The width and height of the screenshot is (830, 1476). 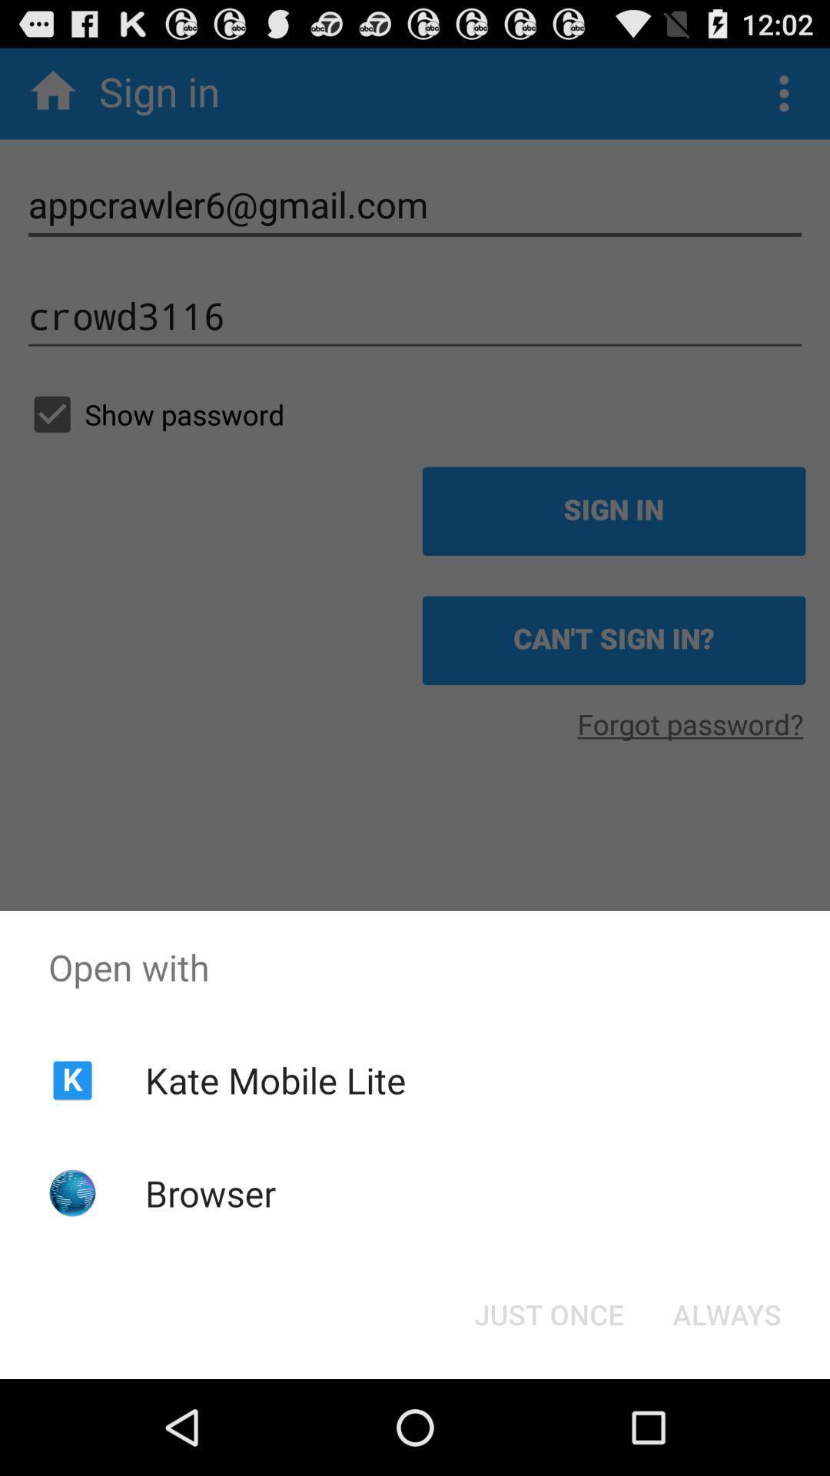 What do you see at coordinates (726, 1313) in the screenshot?
I see `the always at the bottom right corner` at bounding box center [726, 1313].